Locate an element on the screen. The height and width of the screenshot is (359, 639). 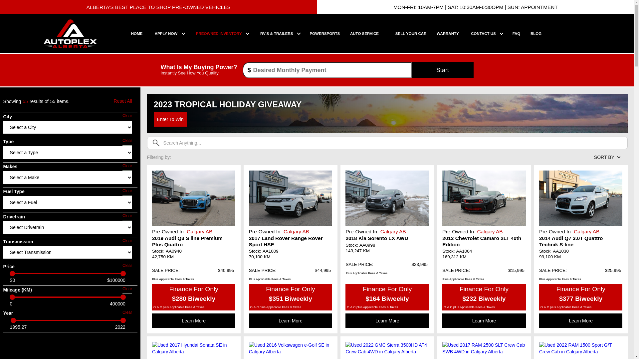
'FAQ' is located at coordinates (516, 34).